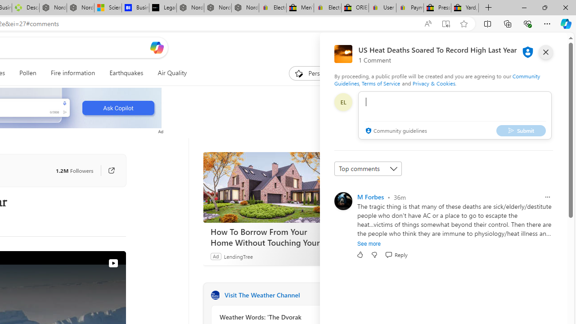 The image size is (576, 324). Describe the element at coordinates (409, 23) in the screenshot. I see `'Read aloud this page (Ctrl+Shift+U)'` at that location.